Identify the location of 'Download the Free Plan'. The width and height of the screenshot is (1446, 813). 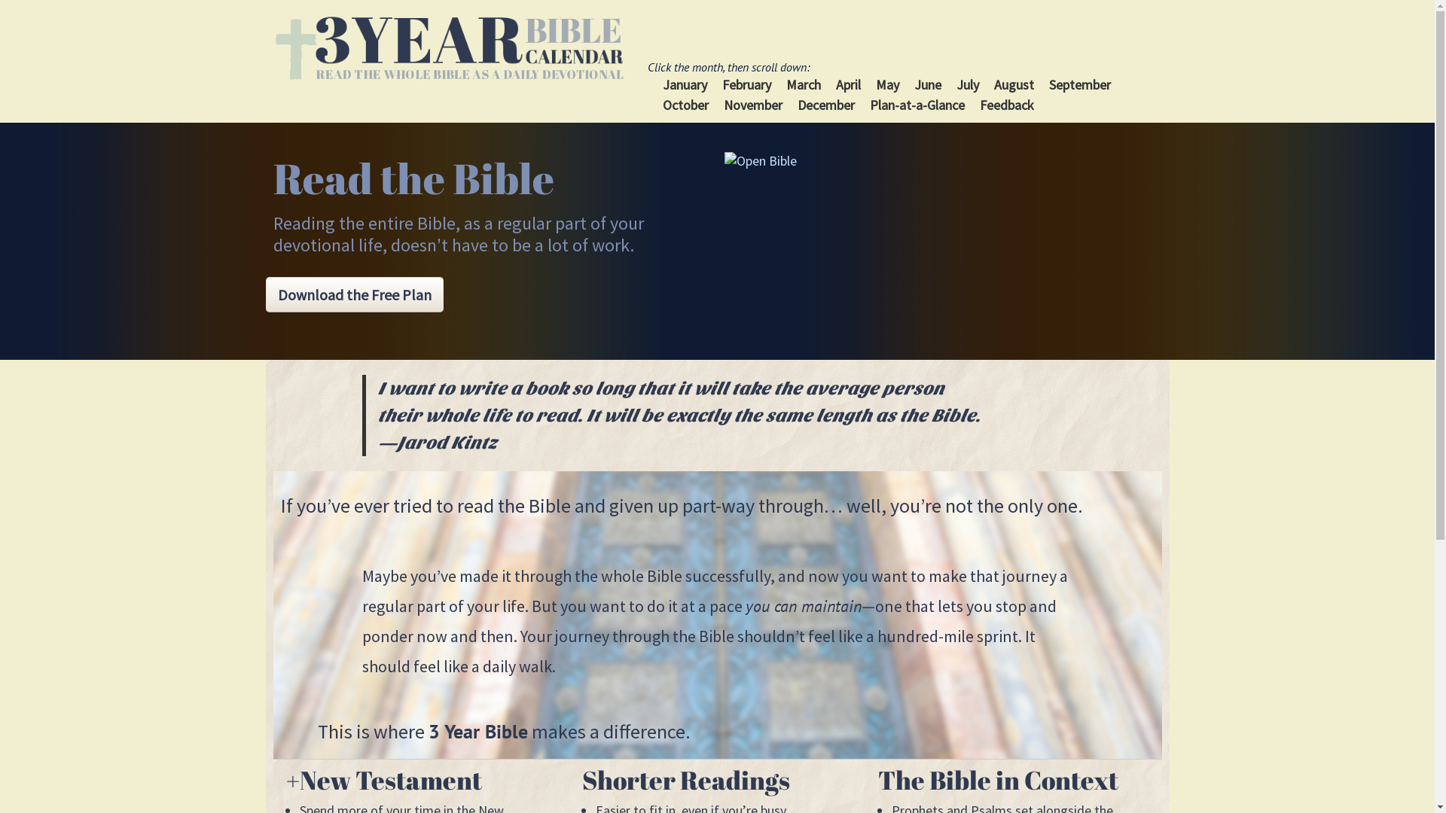
(353, 294).